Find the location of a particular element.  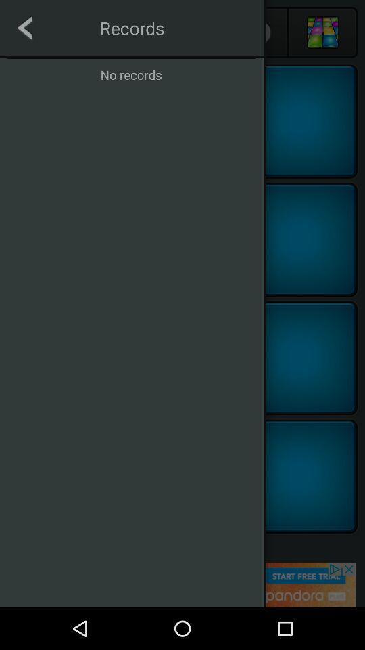

the group icon is located at coordinates (182, 32).